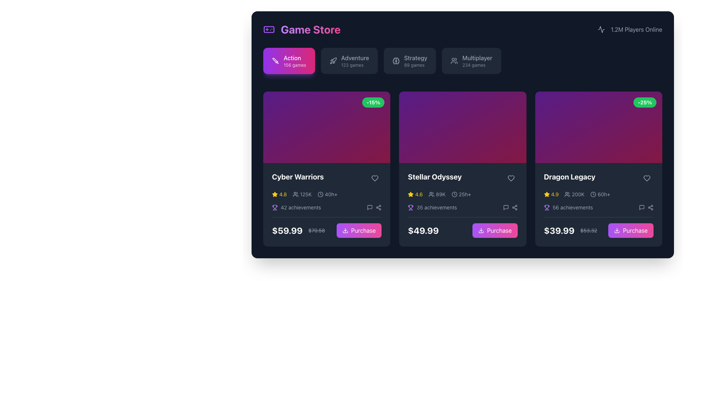 Image resolution: width=701 pixels, height=394 pixels. Describe the element at coordinates (434, 177) in the screenshot. I see `the text label displaying 'Stellar Odyssey' in bold white font, located in the second card of the Game Store section` at that location.